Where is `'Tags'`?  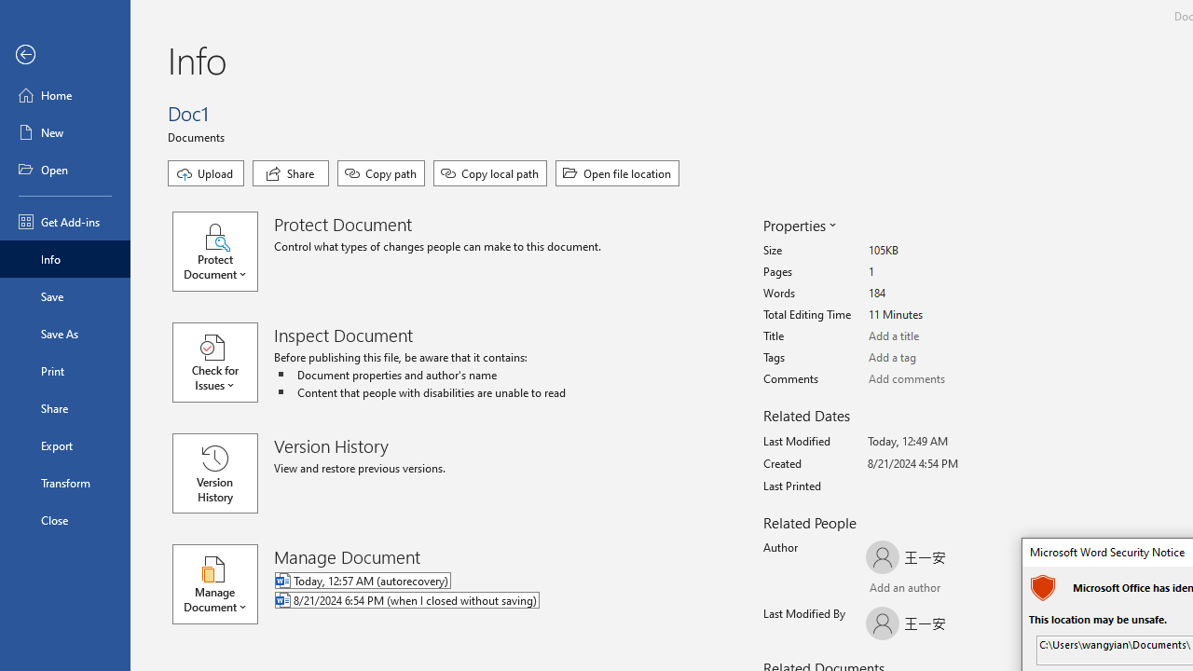 'Tags' is located at coordinates (938, 358).